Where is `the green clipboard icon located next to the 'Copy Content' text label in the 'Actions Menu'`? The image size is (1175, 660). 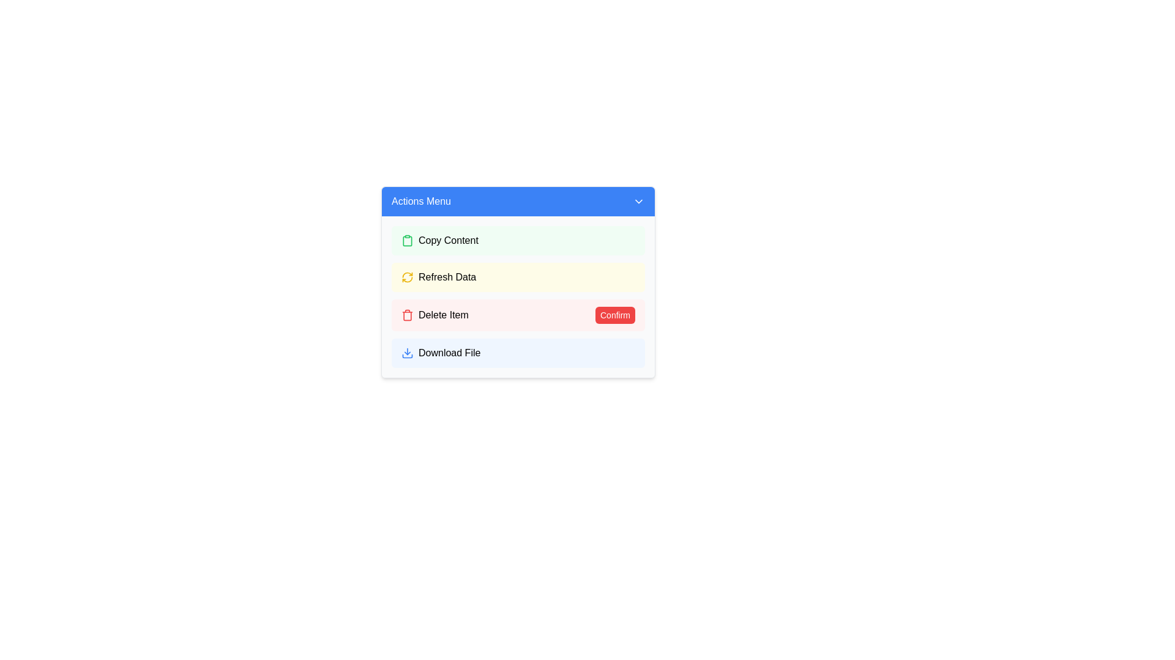
the green clipboard icon located next to the 'Copy Content' text label in the 'Actions Menu' is located at coordinates (408, 240).